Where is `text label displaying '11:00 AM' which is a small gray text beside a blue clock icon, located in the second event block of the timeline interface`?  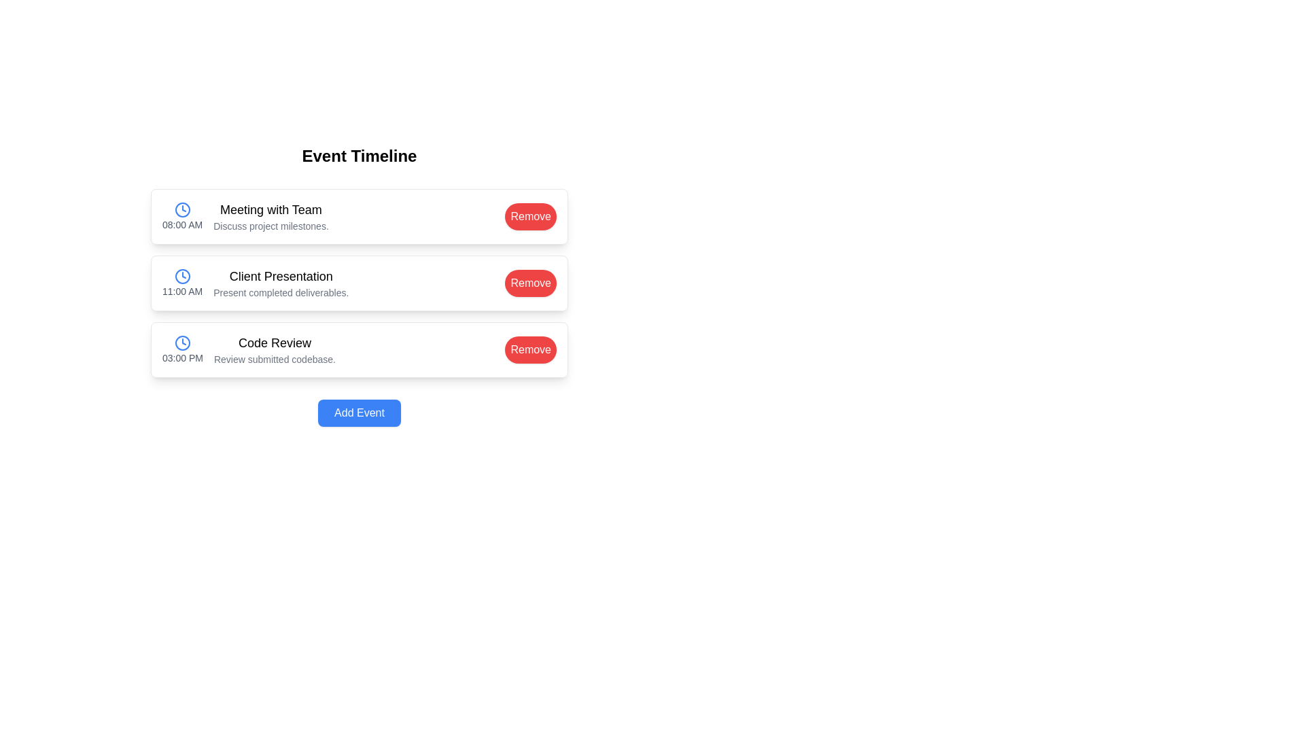 text label displaying '11:00 AM' which is a small gray text beside a blue clock icon, located in the second event block of the timeline interface is located at coordinates (181, 290).